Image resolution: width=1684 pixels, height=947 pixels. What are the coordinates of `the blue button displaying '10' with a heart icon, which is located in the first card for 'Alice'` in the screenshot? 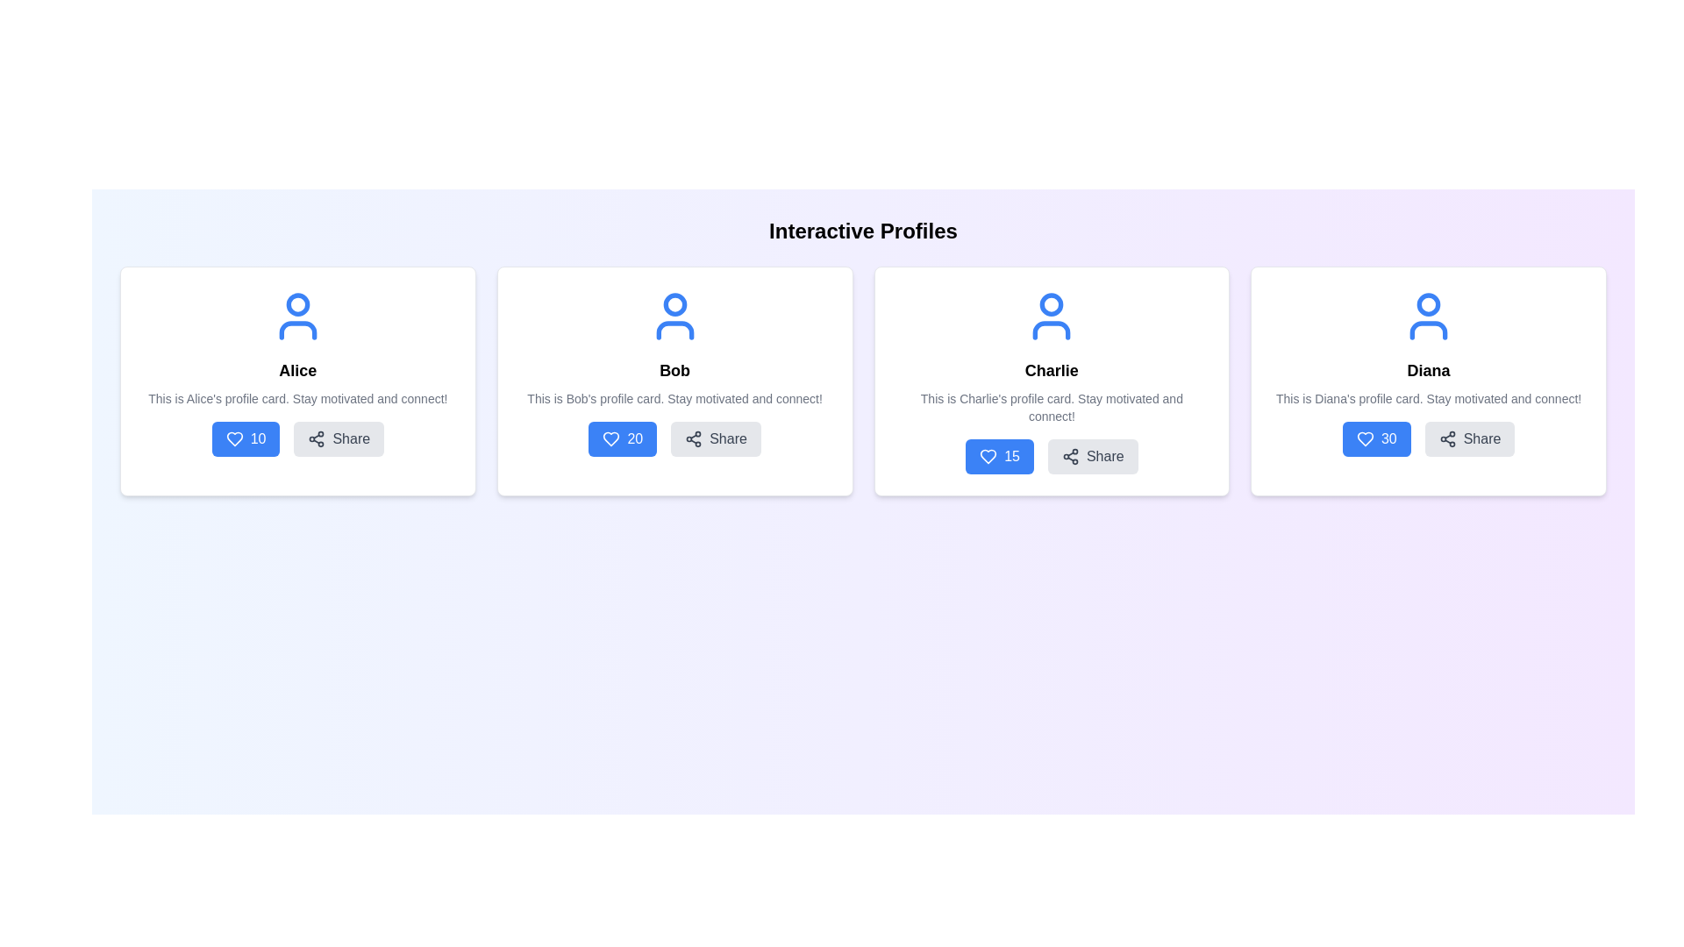 It's located at (245, 438).